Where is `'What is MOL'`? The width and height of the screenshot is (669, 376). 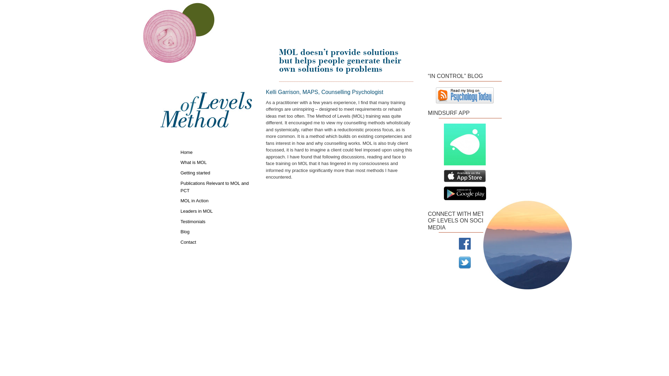 'What is MOL' is located at coordinates (180, 162).